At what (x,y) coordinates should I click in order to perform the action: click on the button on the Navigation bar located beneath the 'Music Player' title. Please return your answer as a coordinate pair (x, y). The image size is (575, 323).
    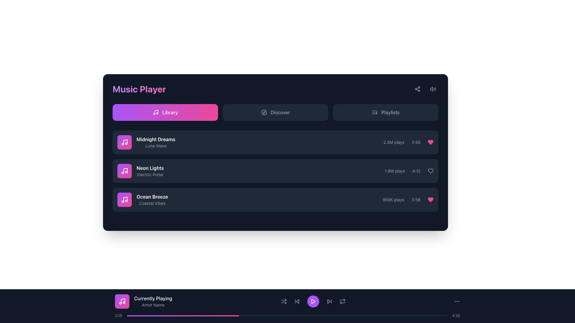
    Looking at the image, I should click on (275, 112).